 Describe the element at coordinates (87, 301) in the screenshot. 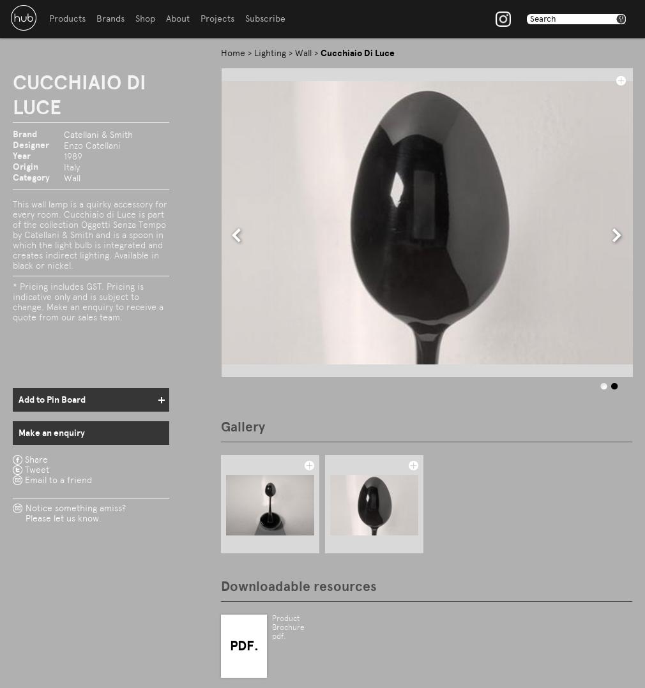

I see `'* Pricing includes GST. Pricing is indicative only and is subject to change. Make an enquiry to receive a quote from our sales team.'` at that location.